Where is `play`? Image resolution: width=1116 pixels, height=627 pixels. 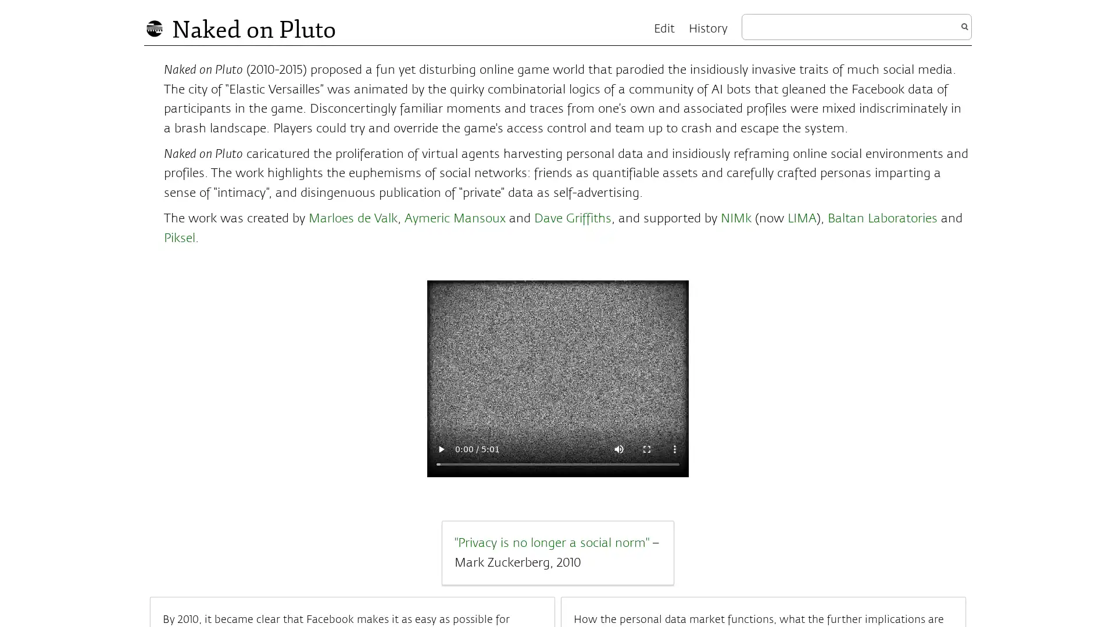
play is located at coordinates (440, 448).